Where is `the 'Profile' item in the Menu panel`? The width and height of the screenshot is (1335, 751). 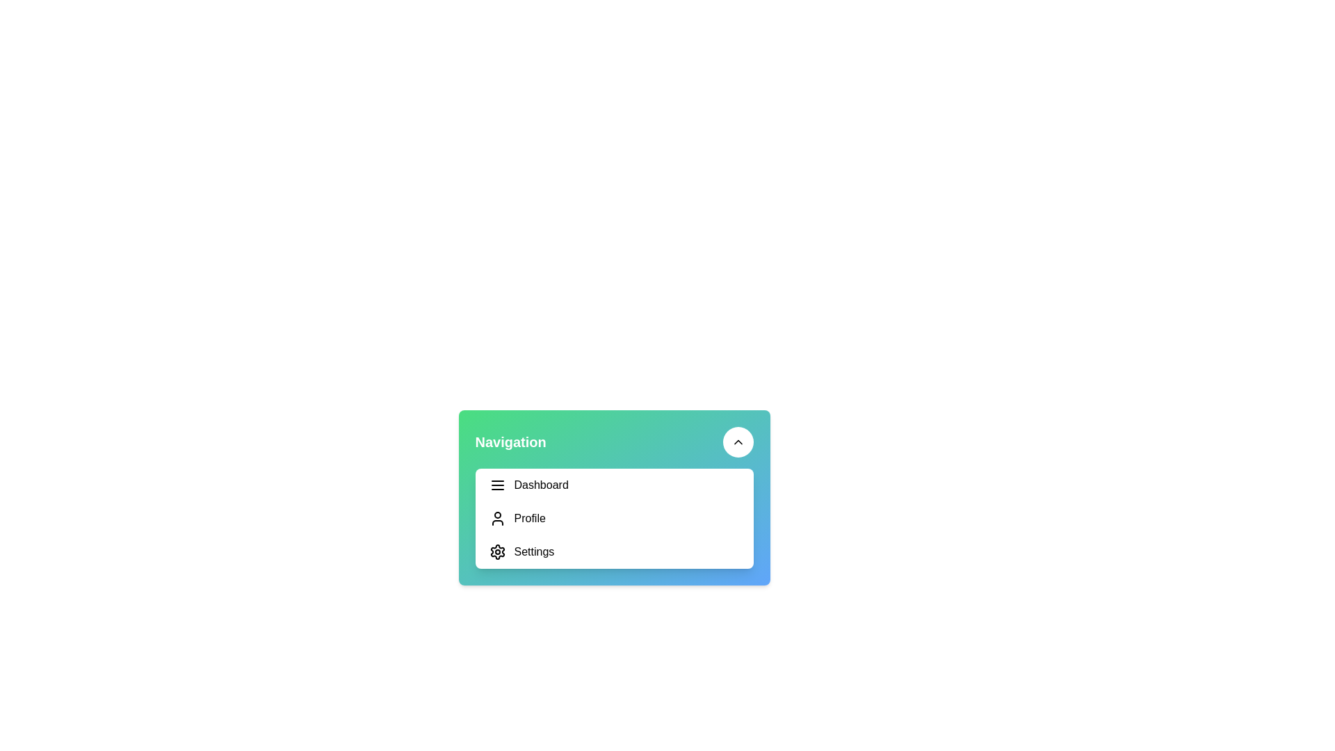
the 'Profile' item in the Menu panel is located at coordinates (613, 518).